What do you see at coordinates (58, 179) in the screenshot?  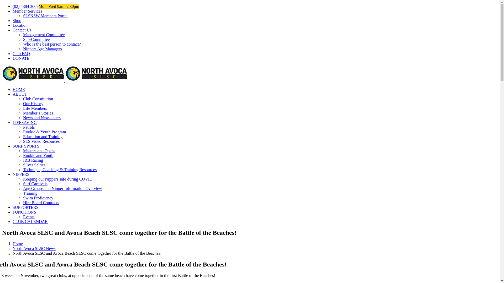 I see `'Keeping our Nippers safe during COVID'` at bounding box center [58, 179].